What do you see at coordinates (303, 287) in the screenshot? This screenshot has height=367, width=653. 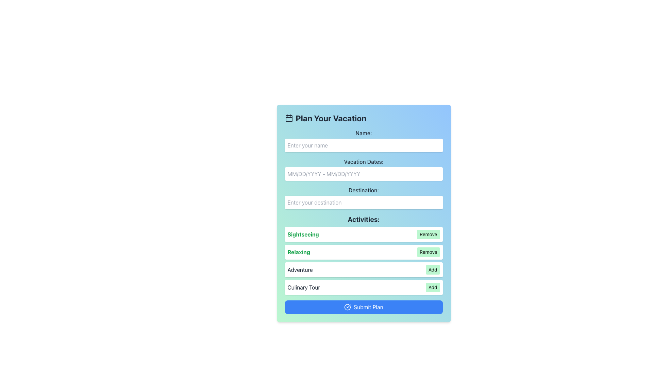 I see `the text component displaying 'Culinary Tour' in dark gray font located in the lower section of the form under the 'Activities' category` at bounding box center [303, 287].